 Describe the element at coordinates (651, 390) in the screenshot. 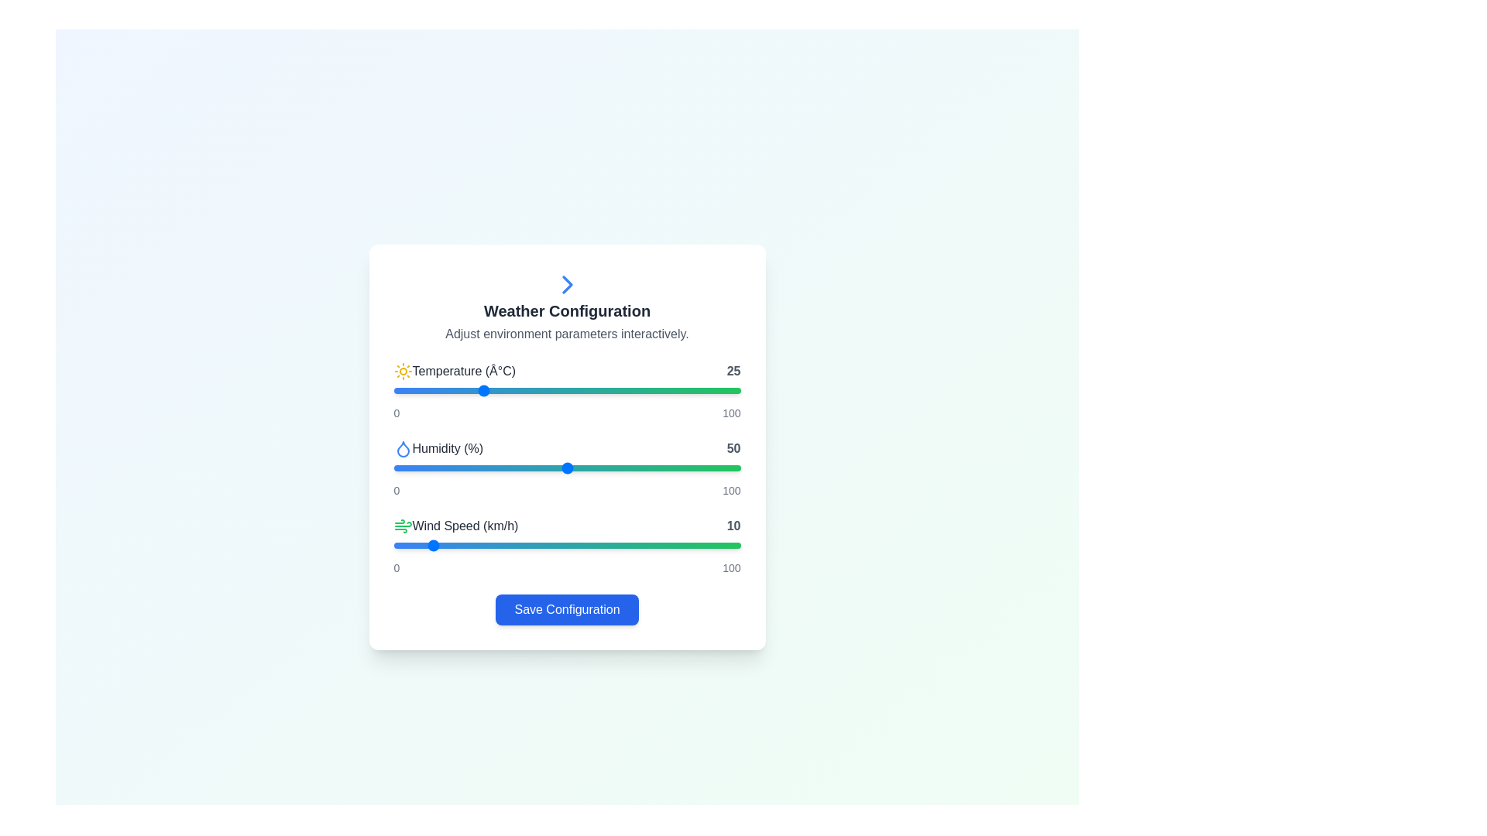

I see `slider value` at that location.